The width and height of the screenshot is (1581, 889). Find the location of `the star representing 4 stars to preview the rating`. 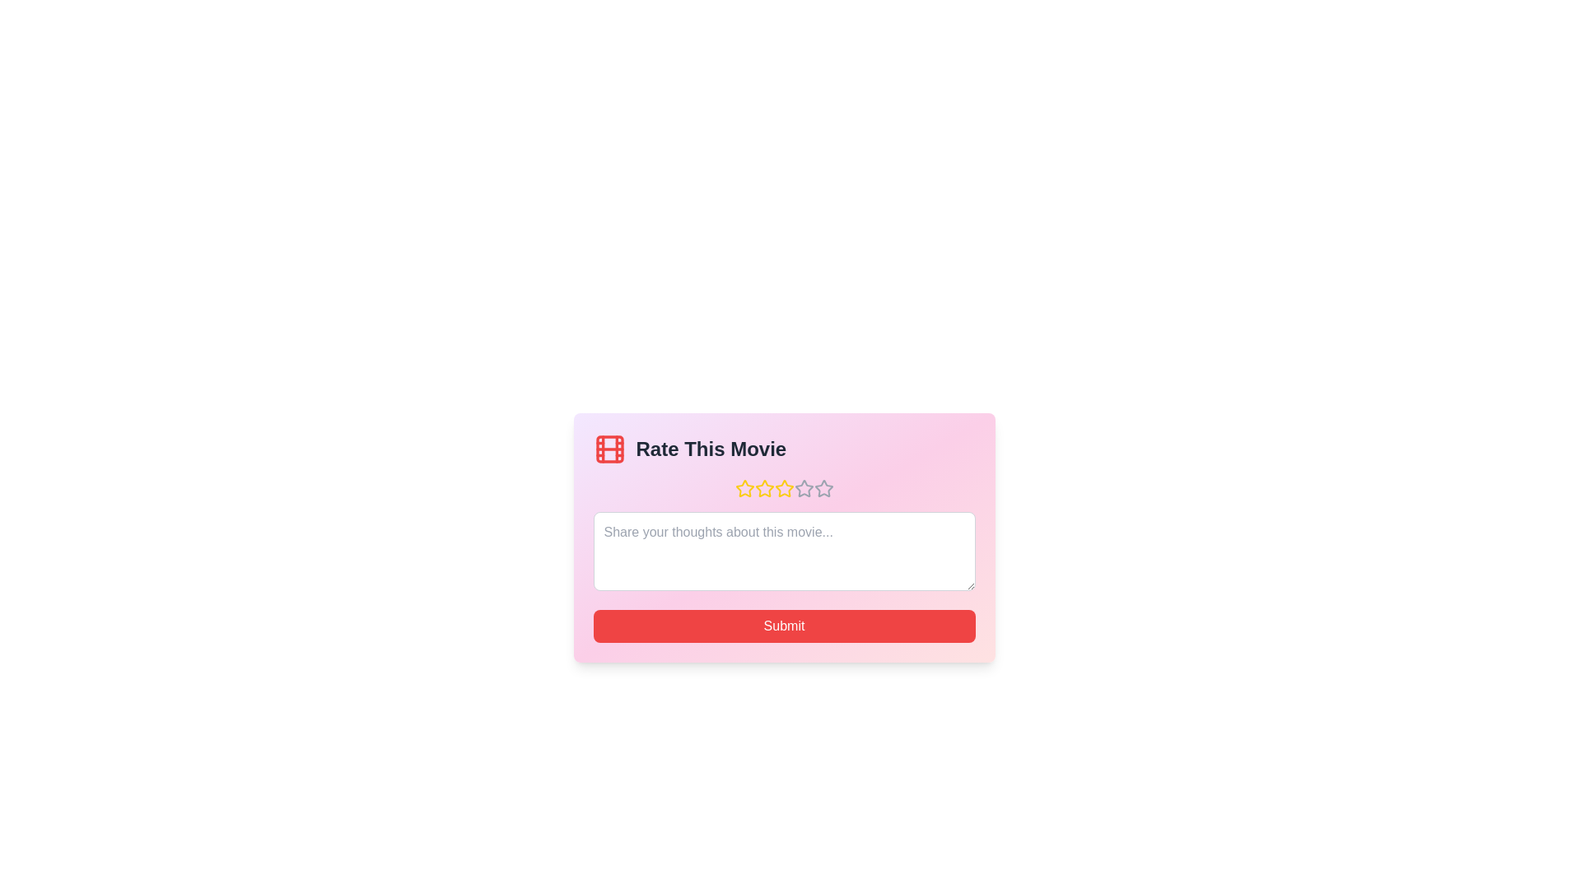

the star representing 4 stars to preview the rating is located at coordinates (804, 488).